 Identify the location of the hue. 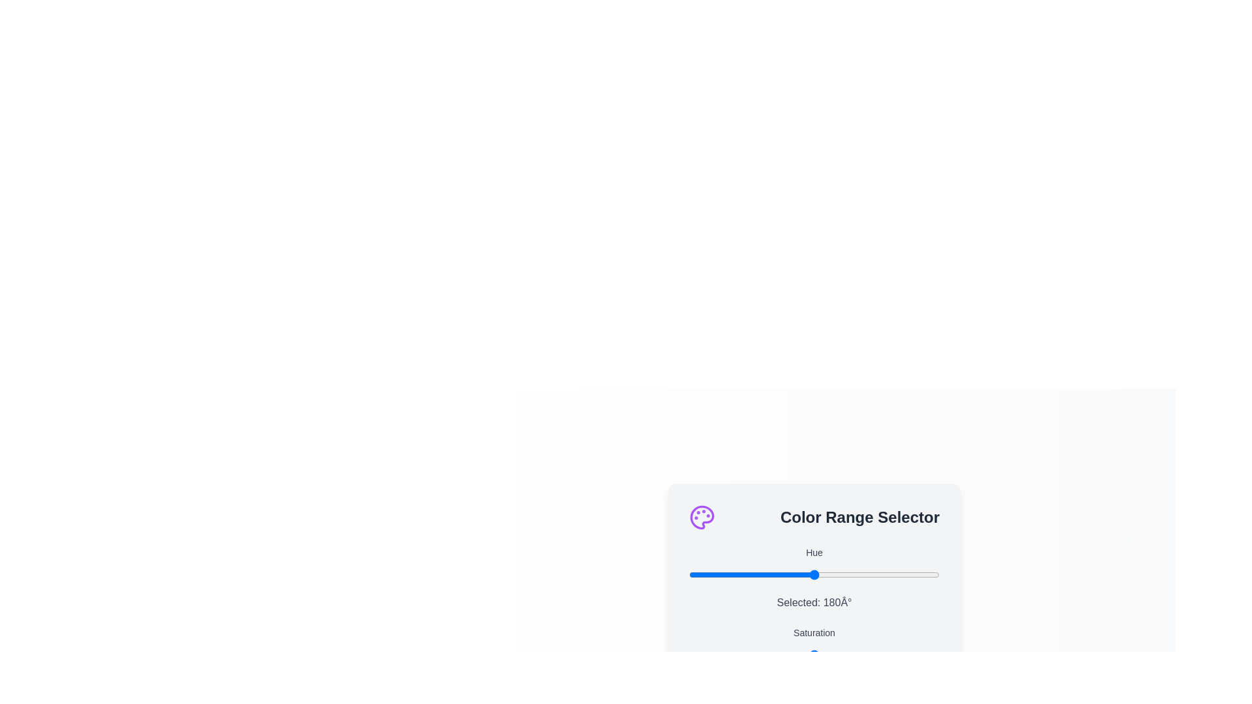
(690, 574).